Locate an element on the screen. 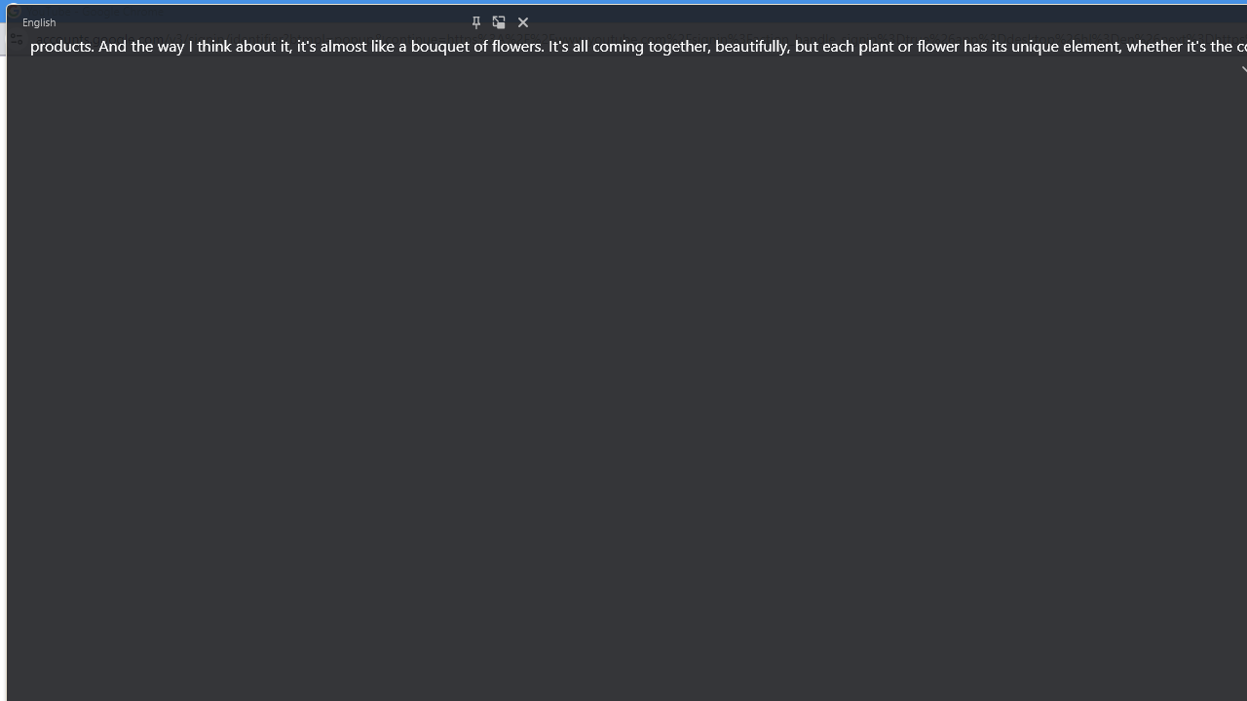 The image size is (1247, 701). 'Turn off Live Caption for now' is located at coordinates (522, 22).